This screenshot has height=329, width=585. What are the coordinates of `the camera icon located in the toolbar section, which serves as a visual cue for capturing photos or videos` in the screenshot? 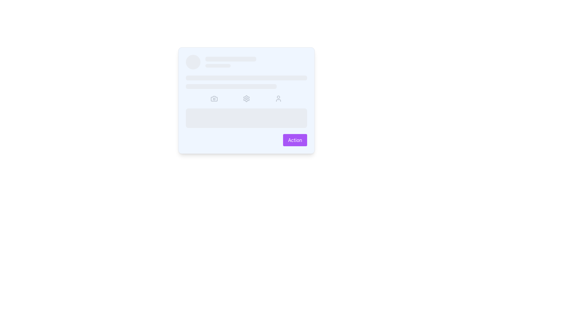 It's located at (214, 98).